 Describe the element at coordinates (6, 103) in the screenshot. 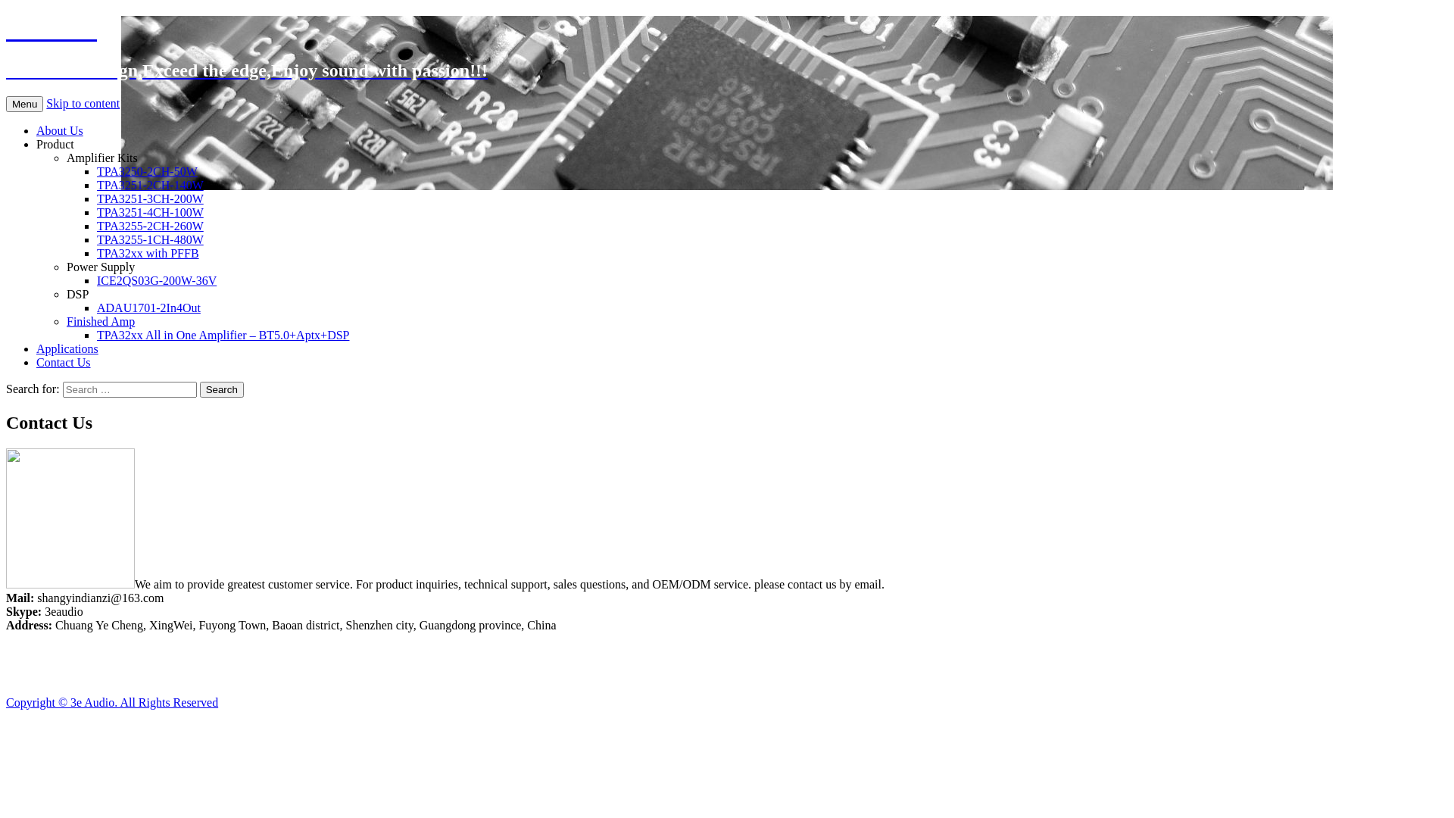

I see `'Menu'` at that location.